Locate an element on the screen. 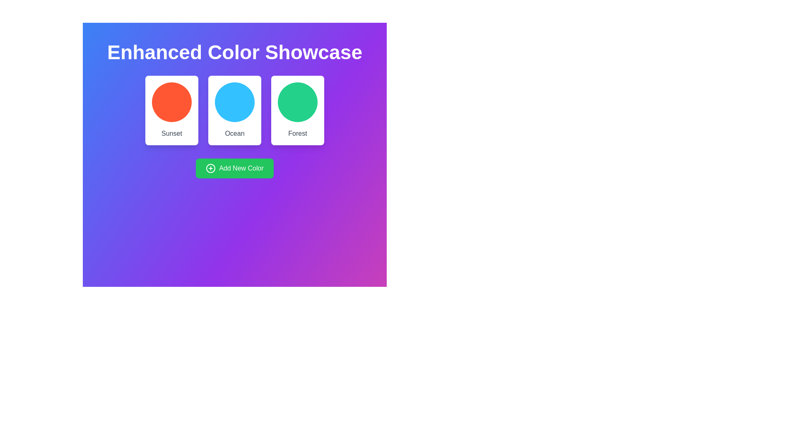 This screenshot has width=795, height=447. the button located below the color cards labeled 'Sunset,' 'Ocean,' and 'Forest' is located at coordinates (234, 168).